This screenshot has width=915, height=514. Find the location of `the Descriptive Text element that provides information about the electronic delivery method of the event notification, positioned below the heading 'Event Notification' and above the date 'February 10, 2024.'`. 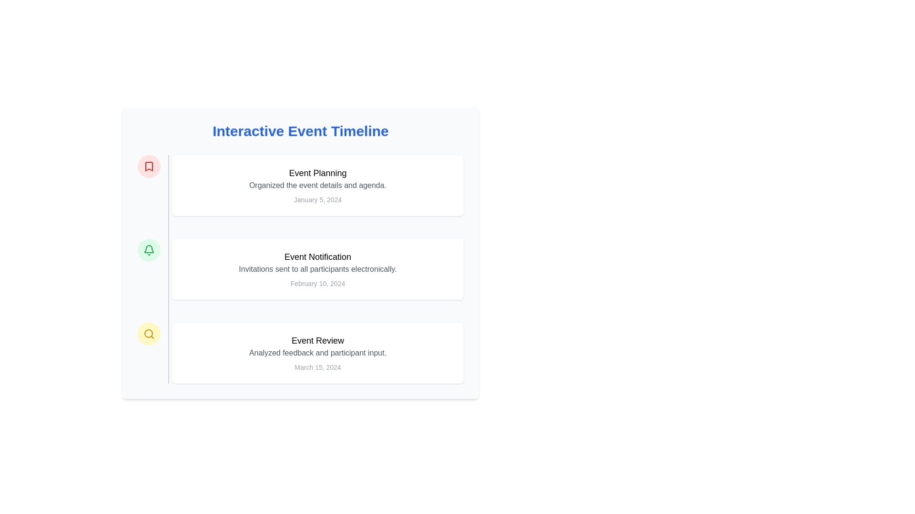

the Descriptive Text element that provides information about the electronic delivery method of the event notification, positioned below the heading 'Event Notification' and above the date 'February 10, 2024.' is located at coordinates (318, 269).